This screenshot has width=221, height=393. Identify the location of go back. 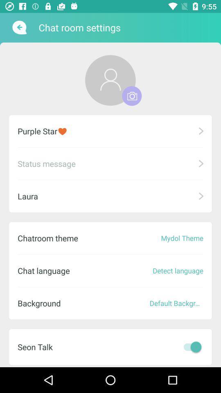
(18, 27).